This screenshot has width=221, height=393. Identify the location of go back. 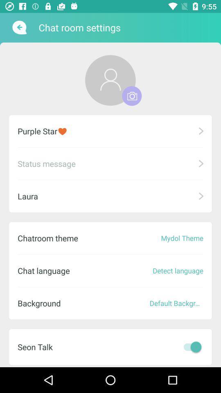
(18, 27).